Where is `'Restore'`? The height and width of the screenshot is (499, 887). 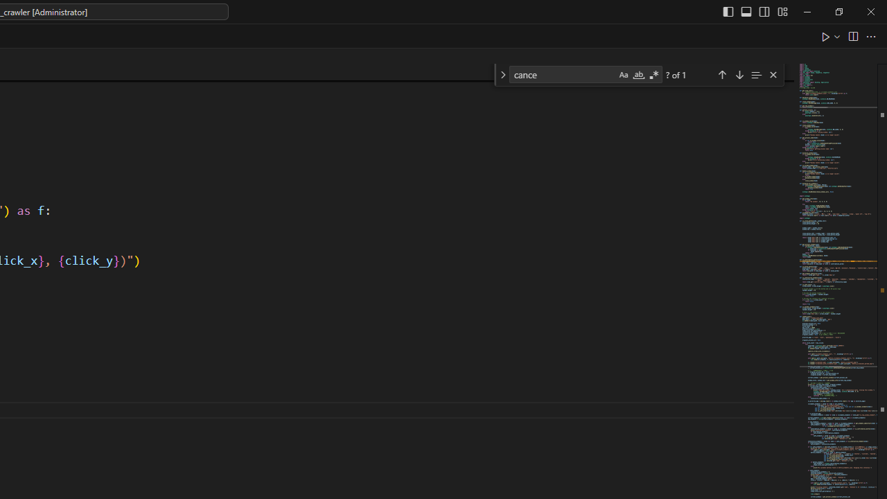
'Restore' is located at coordinates (838, 11).